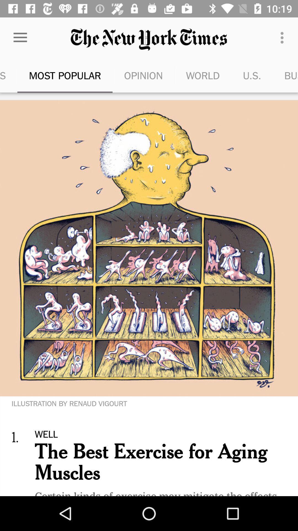 The image size is (298, 531). What do you see at coordinates (285, 75) in the screenshot?
I see `the button which is below the menu button` at bounding box center [285, 75].